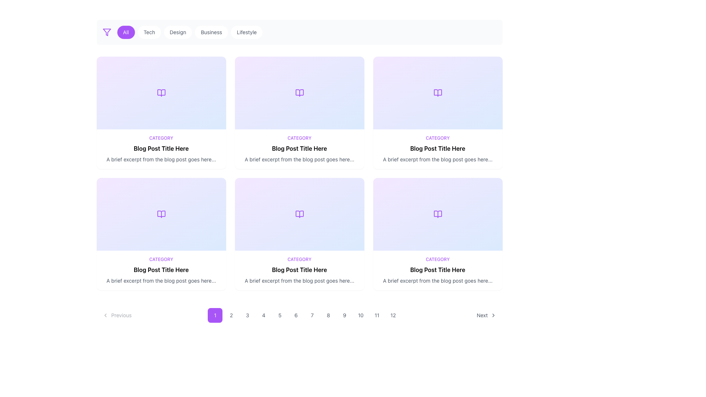 Image resolution: width=706 pixels, height=397 pixels. What do you see at coordinates (377, 315) in the screenshot?
I see `the eleventh navigation button located between the buttons labeled '10' and '12'` at bounding box center [377, 315].